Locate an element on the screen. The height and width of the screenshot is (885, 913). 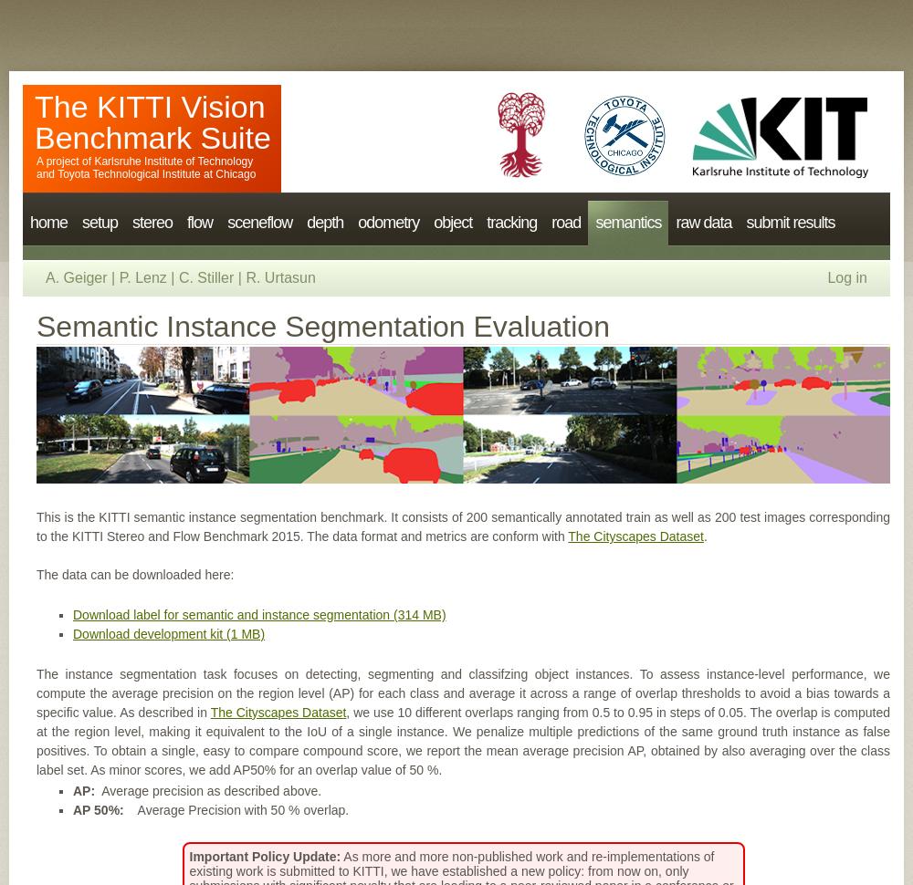
'pixel-level' is located at coordinates (624, 251).